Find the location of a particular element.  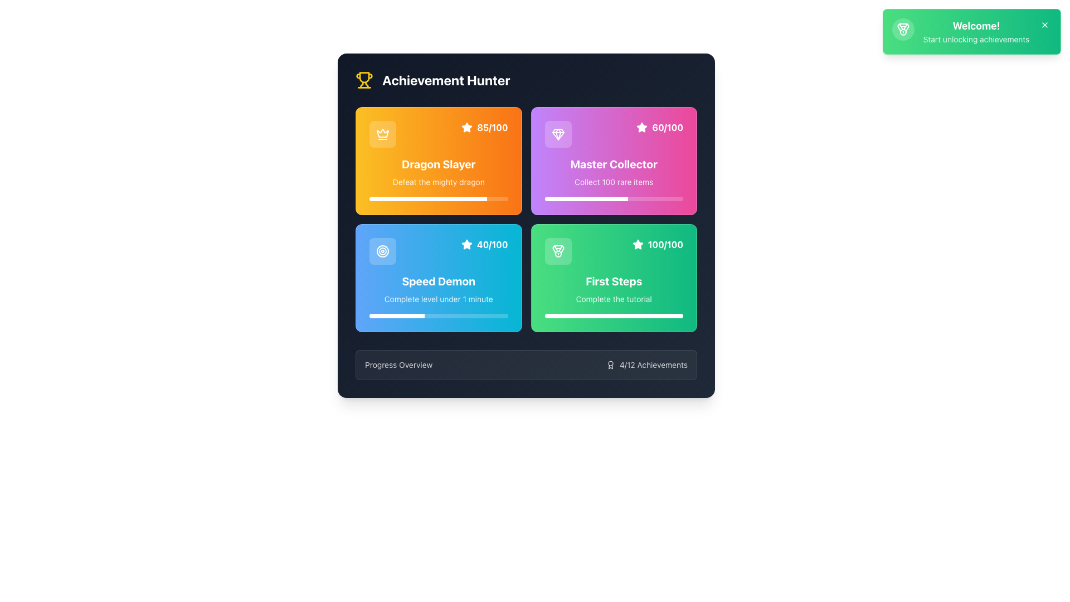

the progress indicator text label showing '60 out of 100' for the 'Master Collector' achievement is located at coordinates (668, 127).